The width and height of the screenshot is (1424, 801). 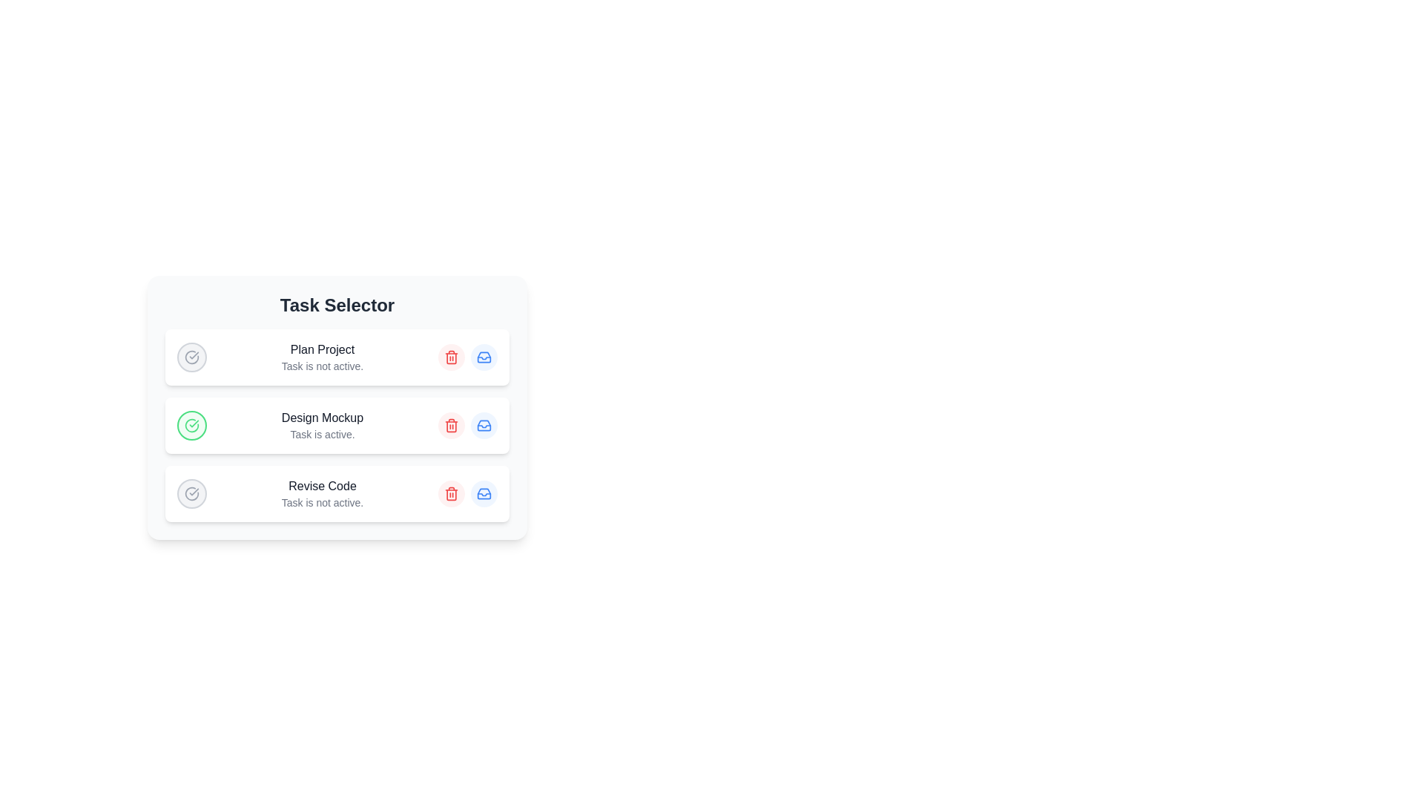 I want to click on the text block that describes the task 'Revise Code' and its status 'Task is not active.' in the third row of the task list interface, so click(x=322, y=494).